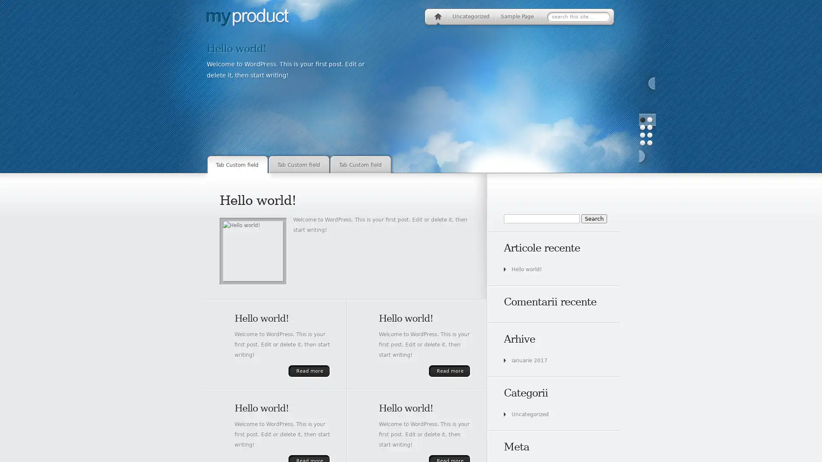 The width and height of the screenshot is (822, 462). I want to click on Search, so click(593, 218).